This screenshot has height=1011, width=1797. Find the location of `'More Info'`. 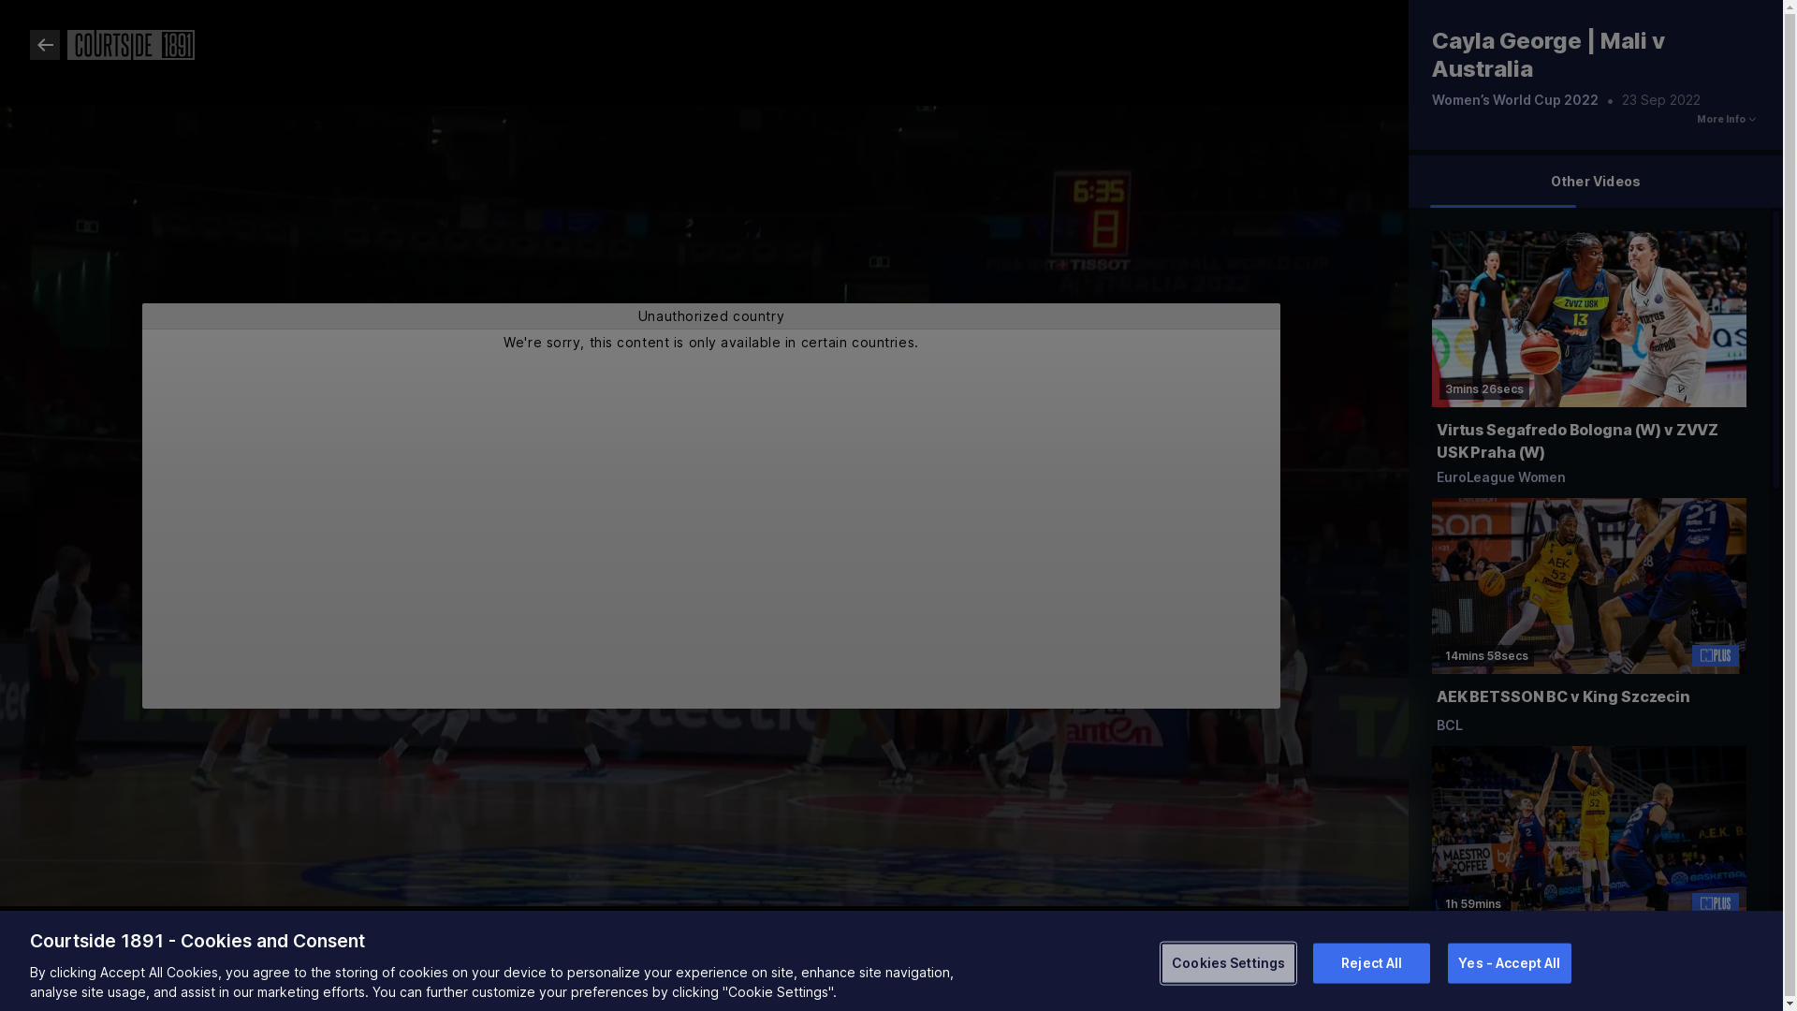

'More Info' is located at coordinates (1720, 119).